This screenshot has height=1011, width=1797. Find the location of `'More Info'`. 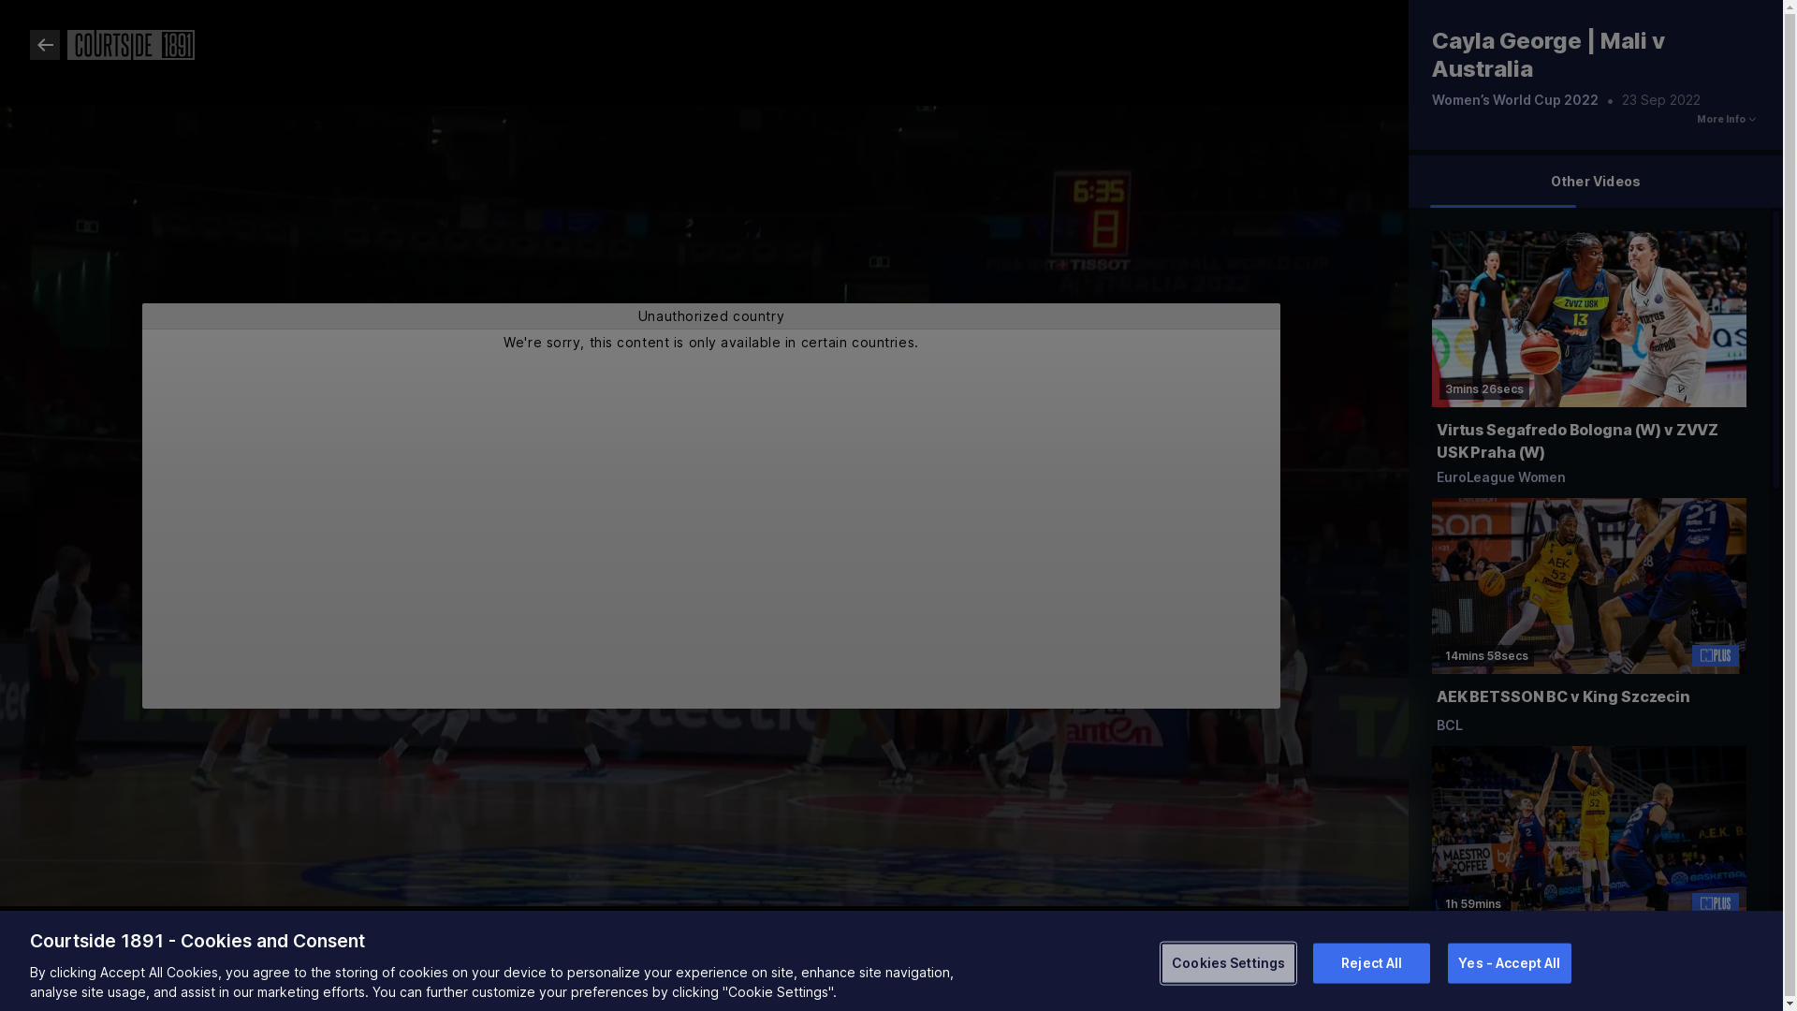

'More Info' is located at coordinates (1720, 119).